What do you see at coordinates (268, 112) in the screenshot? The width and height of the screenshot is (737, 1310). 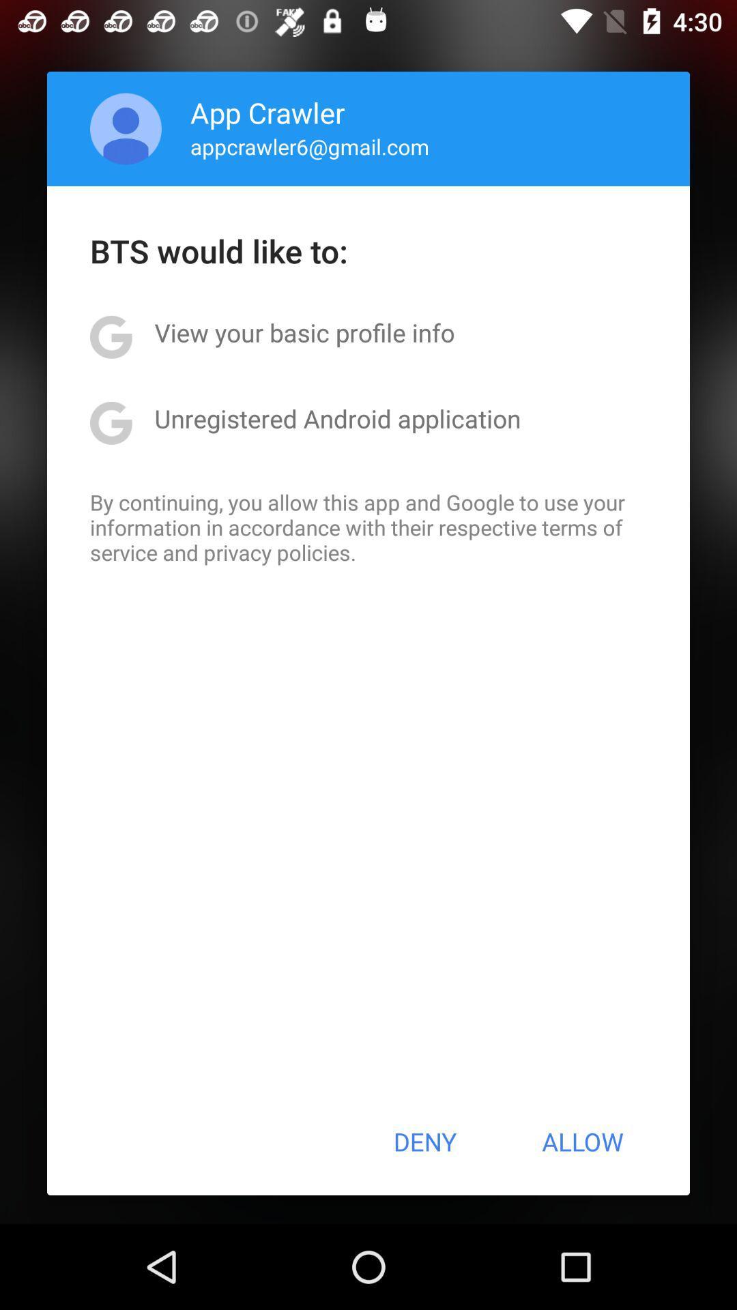 I see `the app crawler app` at bounding box center [268, 112].